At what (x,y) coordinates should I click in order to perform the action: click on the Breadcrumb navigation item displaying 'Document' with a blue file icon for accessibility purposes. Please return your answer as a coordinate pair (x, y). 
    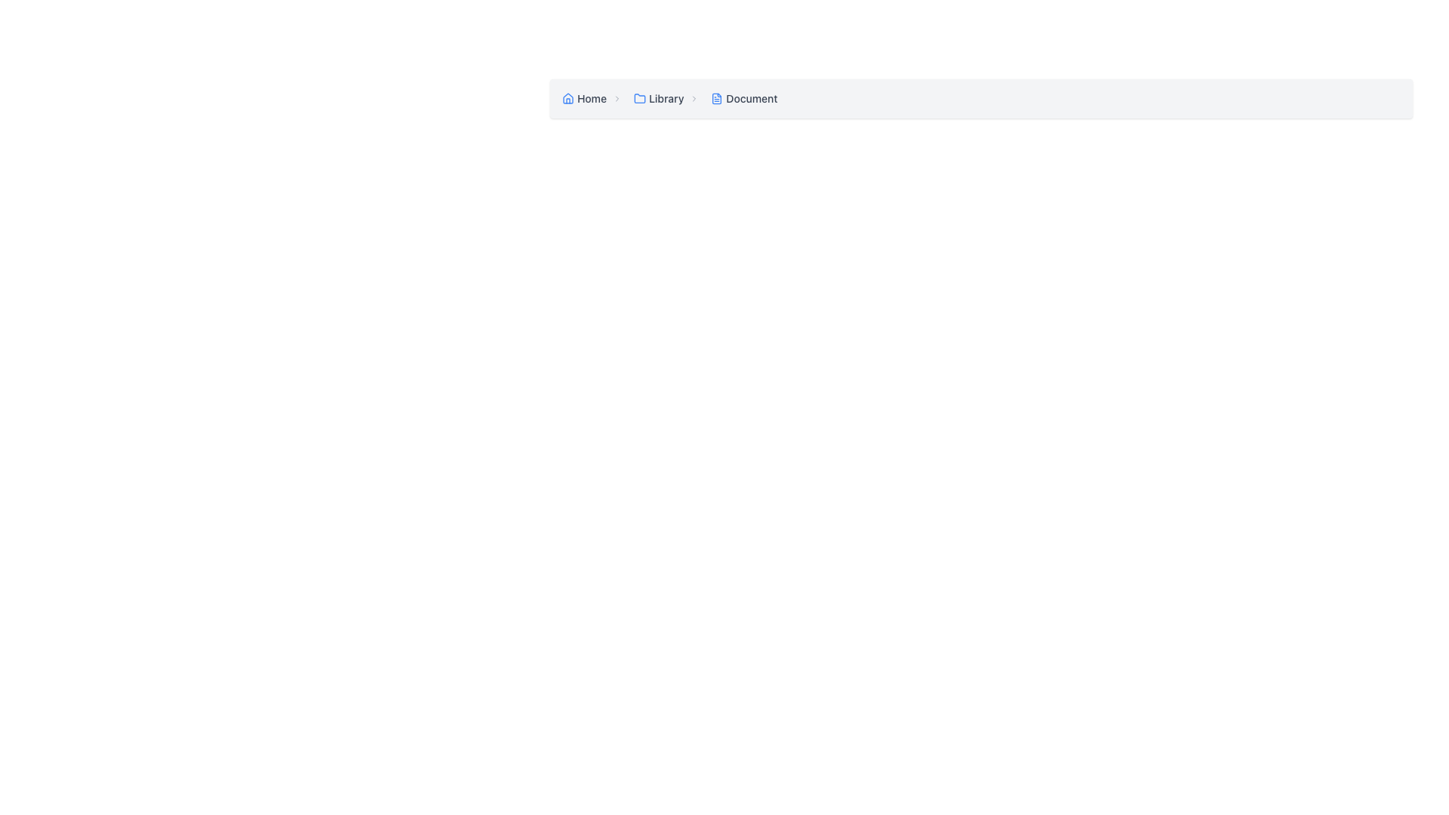
    Looking at the image, I should click on (744, 99).